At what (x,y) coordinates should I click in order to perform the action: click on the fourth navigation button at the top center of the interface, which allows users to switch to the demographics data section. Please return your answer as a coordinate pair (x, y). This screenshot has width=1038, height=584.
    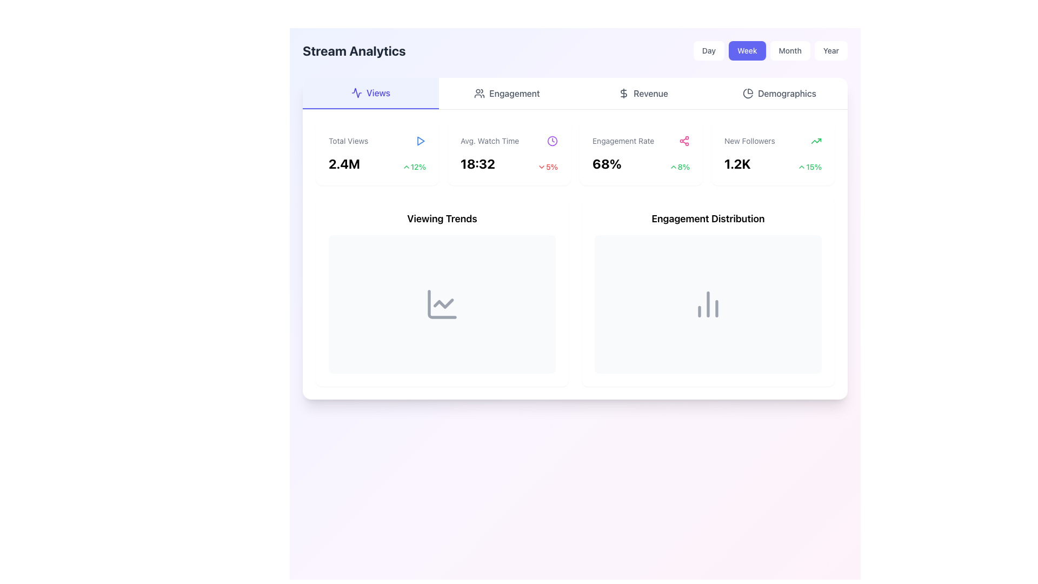
    Looking at the image, I should click on (779, 93).